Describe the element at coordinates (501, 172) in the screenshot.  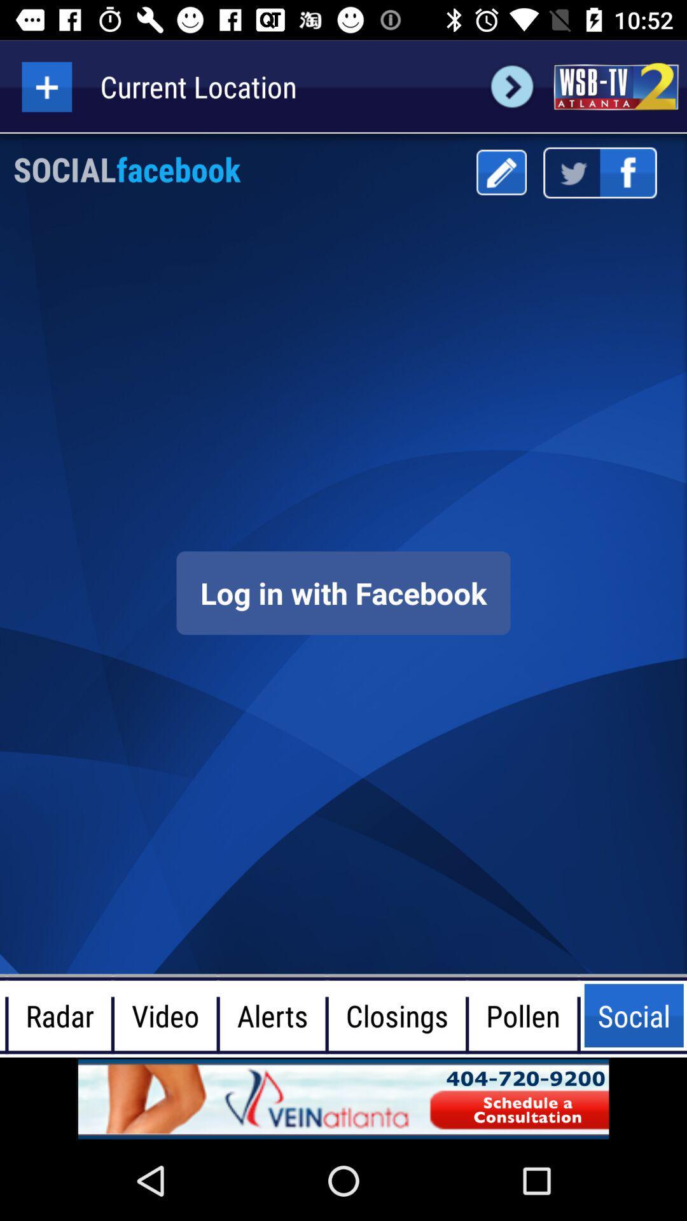
I see `menu page` at that location.